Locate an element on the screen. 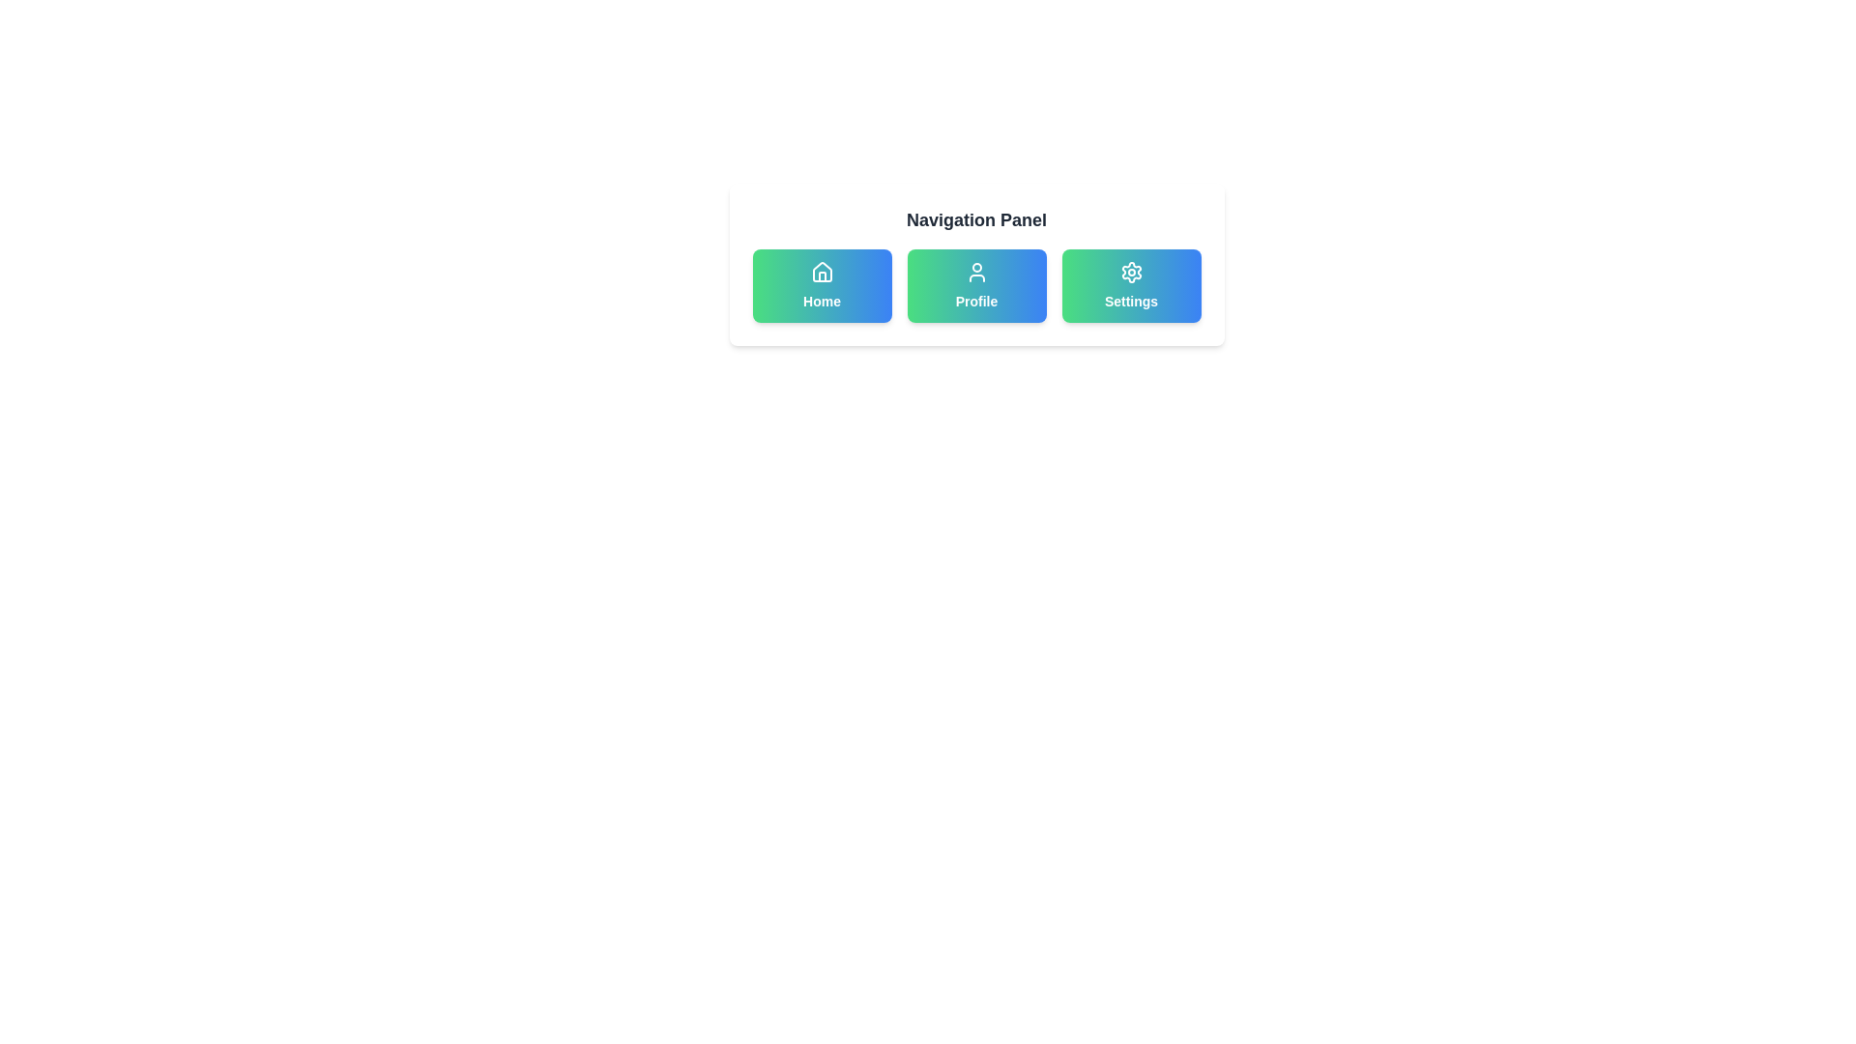  the 'Settings' text label located at the bottom of the rightmost button in the navigation options, which is styled in bold font and serves as a title or button label is located at coordinates (1131, 302).